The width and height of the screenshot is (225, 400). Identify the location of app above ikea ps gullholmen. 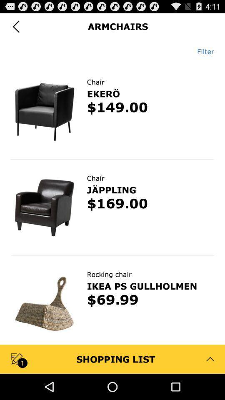
(109, 274).